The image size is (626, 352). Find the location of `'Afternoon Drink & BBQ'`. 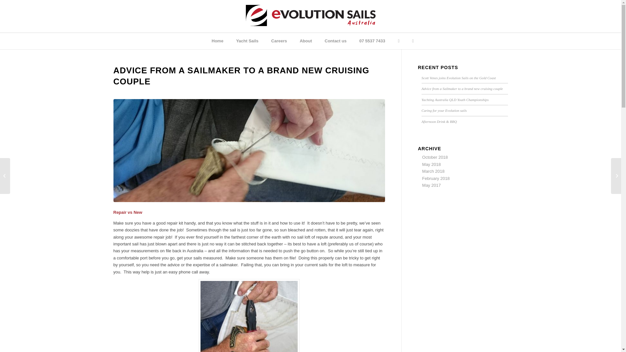

'Afternoon Drink & BBQ' is located at coordinates (421, 122).